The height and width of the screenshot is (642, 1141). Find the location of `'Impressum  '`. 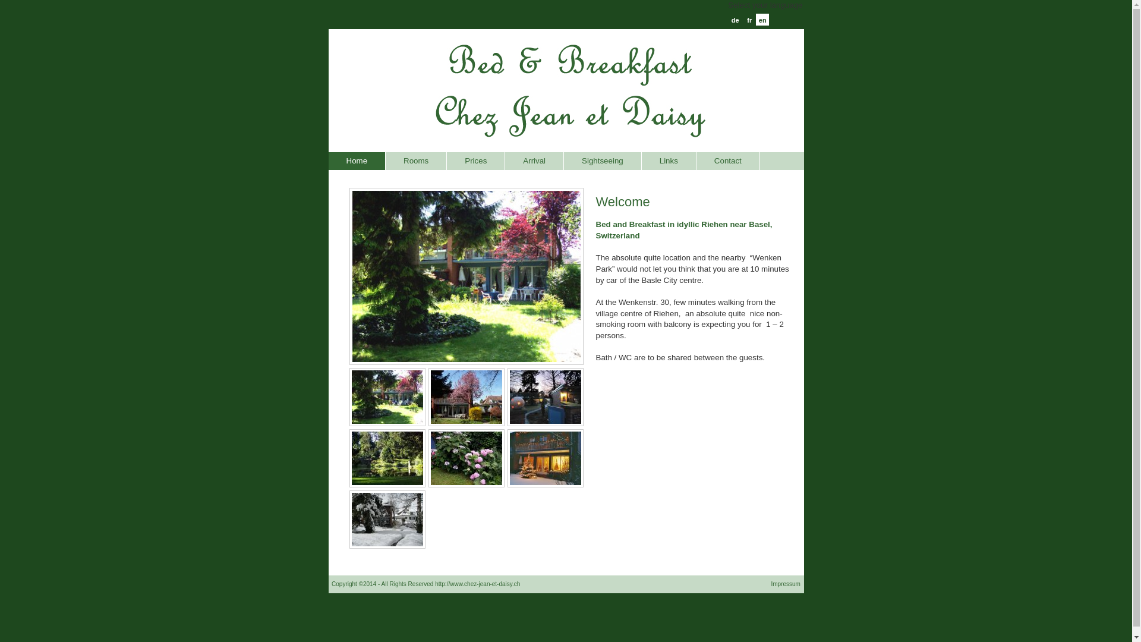

'Impressum  ' is located at coordinates (787, 583).